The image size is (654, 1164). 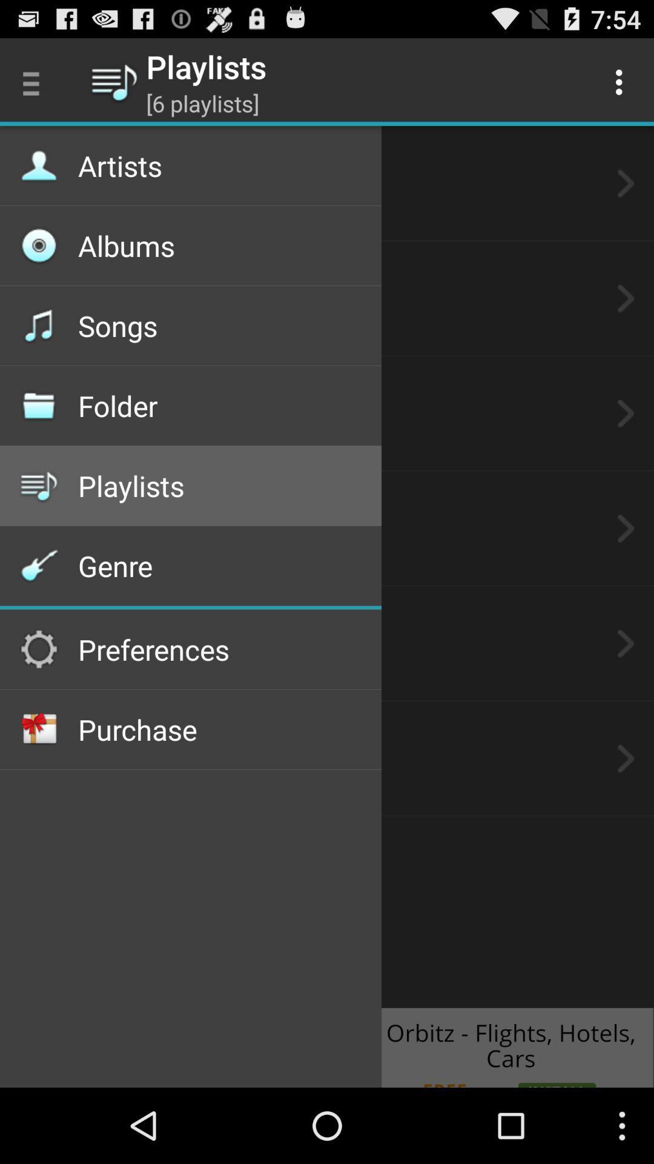 I want to click on the arrow_forward icon, so click(x=601, y=441).